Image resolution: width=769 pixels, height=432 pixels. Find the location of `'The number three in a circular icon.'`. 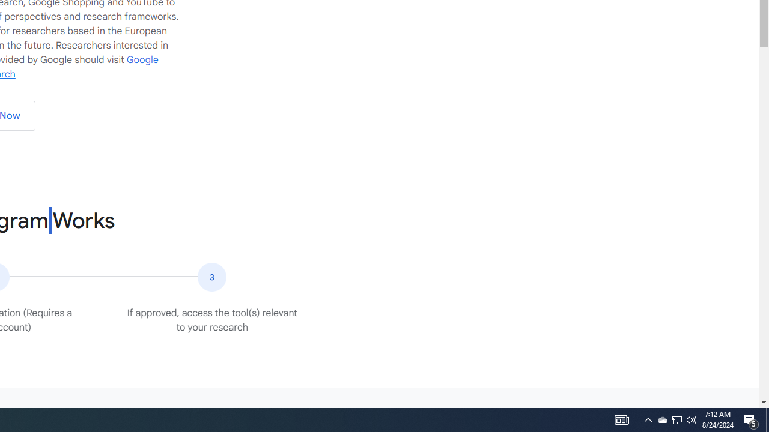

'The number three in a circular icon.' is located at coordinates (212, 277).